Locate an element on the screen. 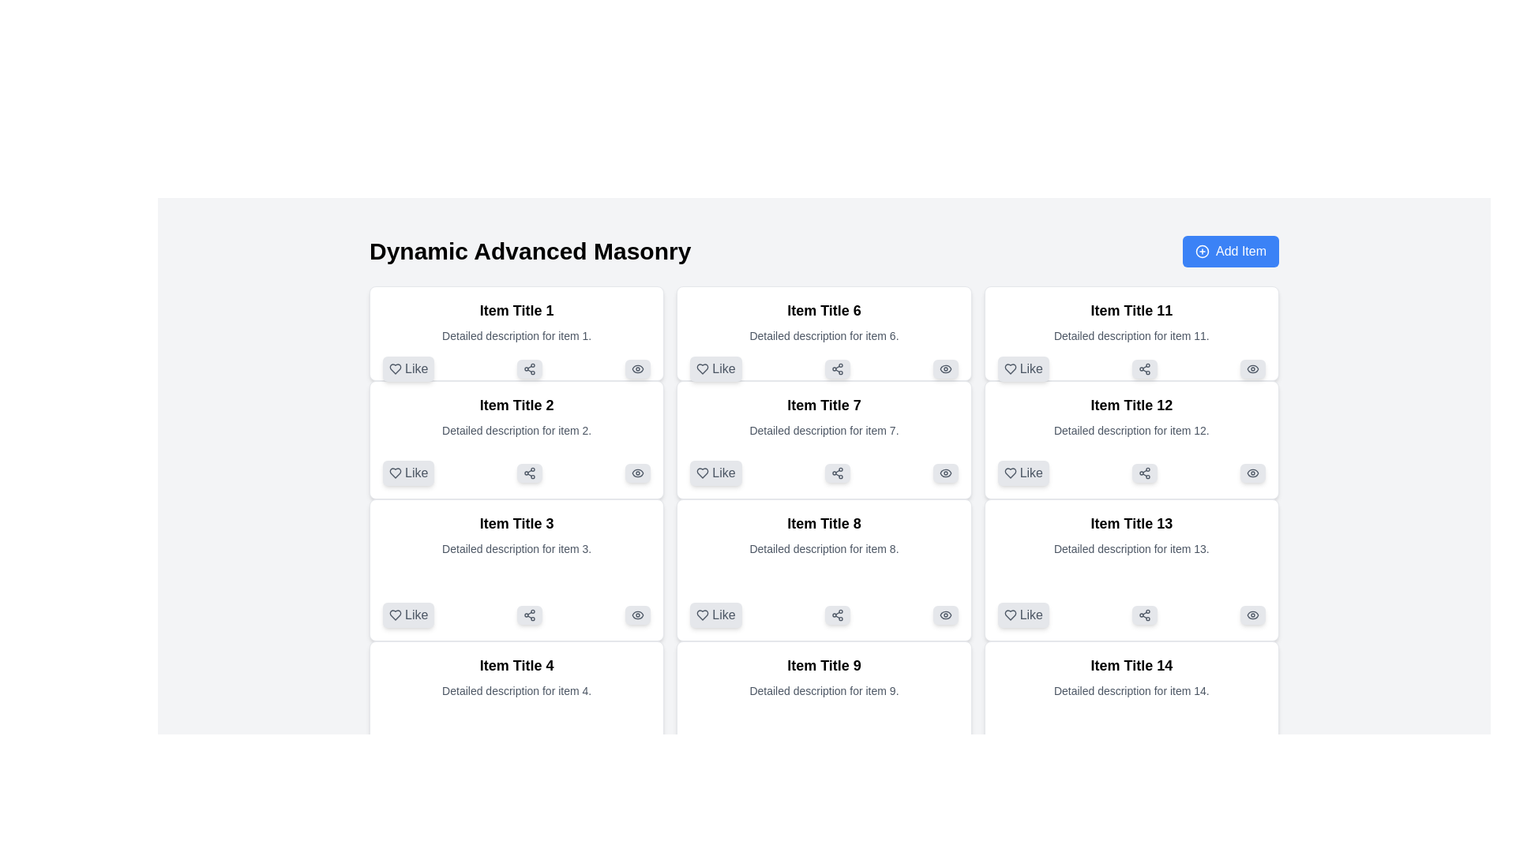  the 'Like' button located at the bottom-left of the 'Item Title 2' card, which is the first button in the horizontal bar of options adjacent to 'Share' and 'View' is located at coordinates (516, 473).